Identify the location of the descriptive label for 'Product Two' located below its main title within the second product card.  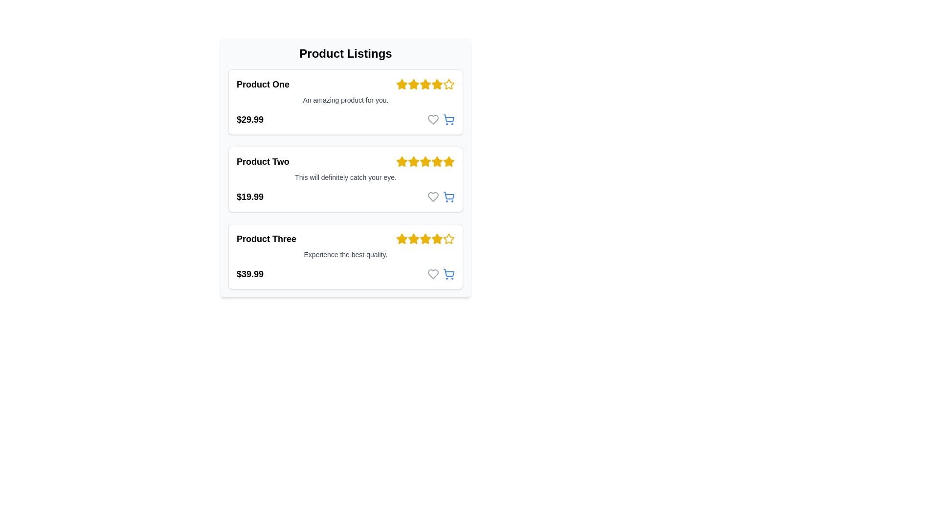
(345, 177).